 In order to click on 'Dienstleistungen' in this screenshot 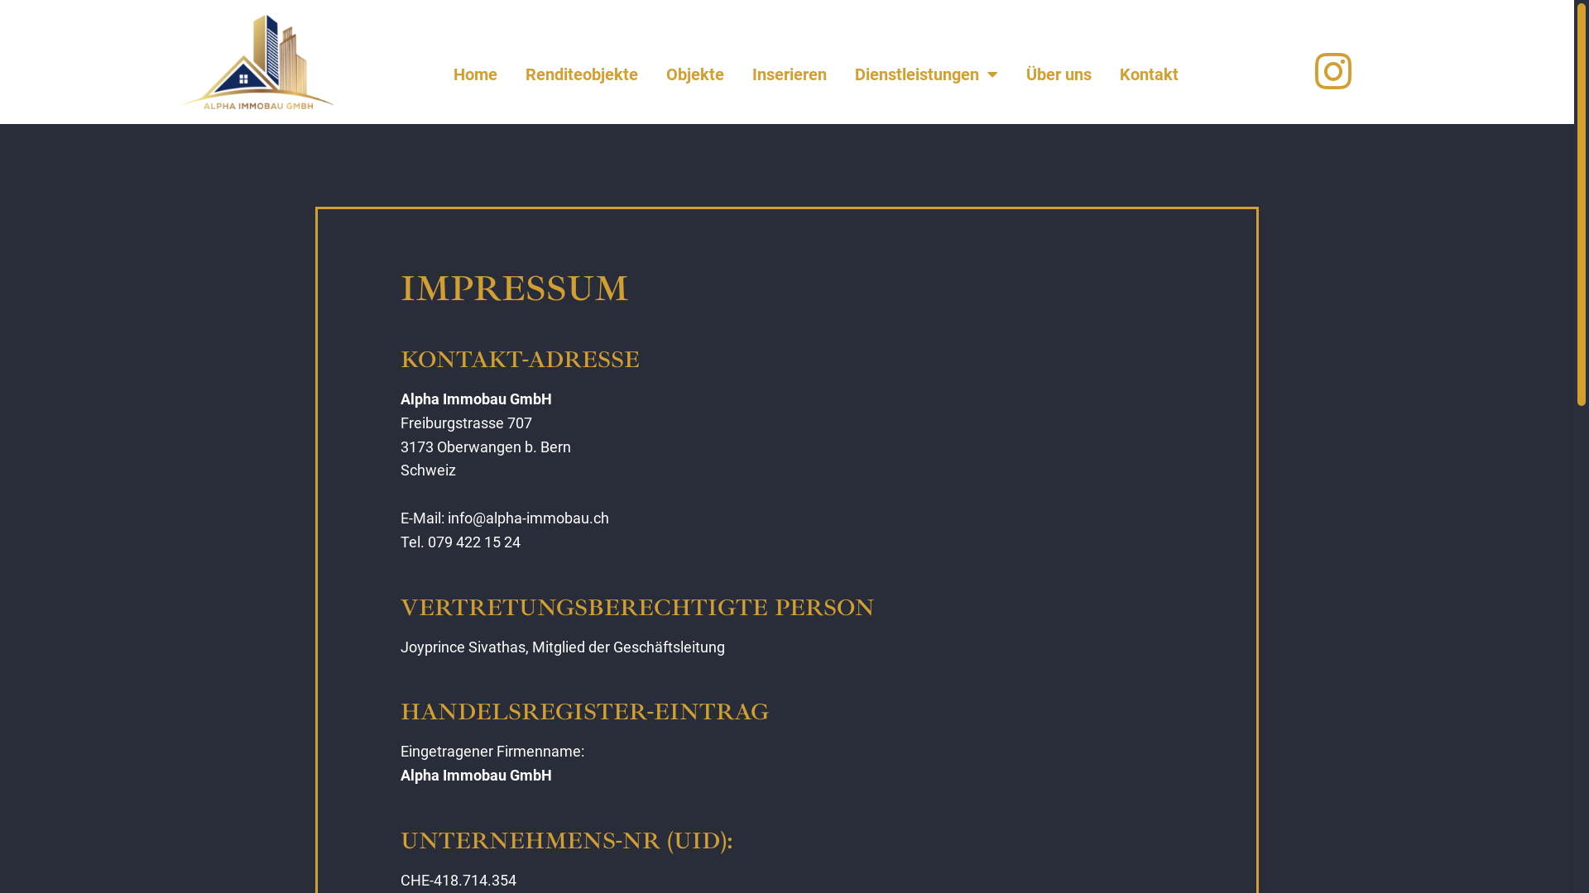, I will do `click(841, 73)`.